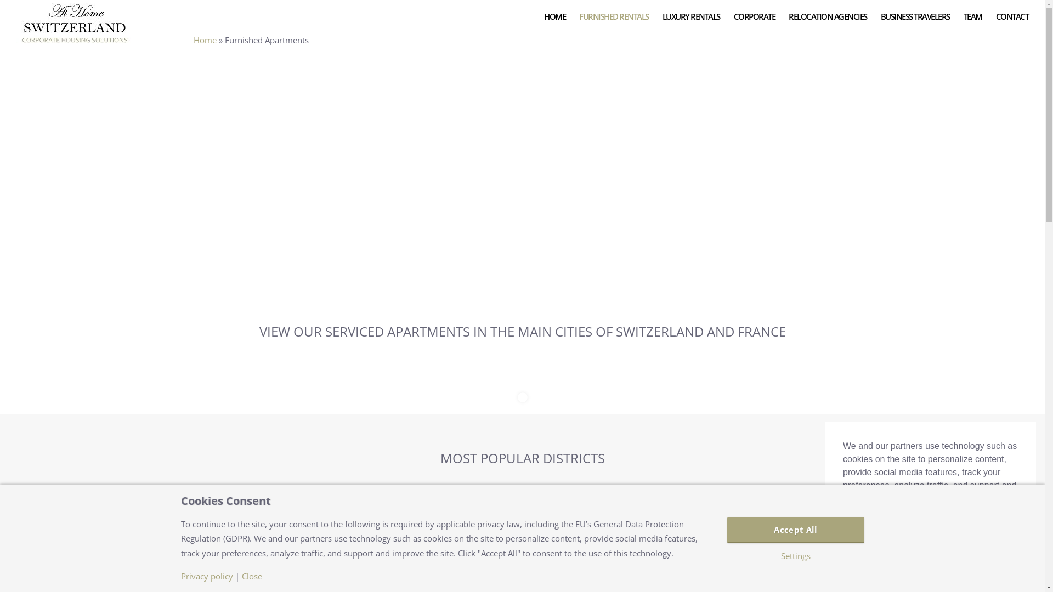 The width and height of the screenshot is (1053, 592). Describe the element at coordinates (963, 16) in the screenshot. I see `'TEAM'` at that location.